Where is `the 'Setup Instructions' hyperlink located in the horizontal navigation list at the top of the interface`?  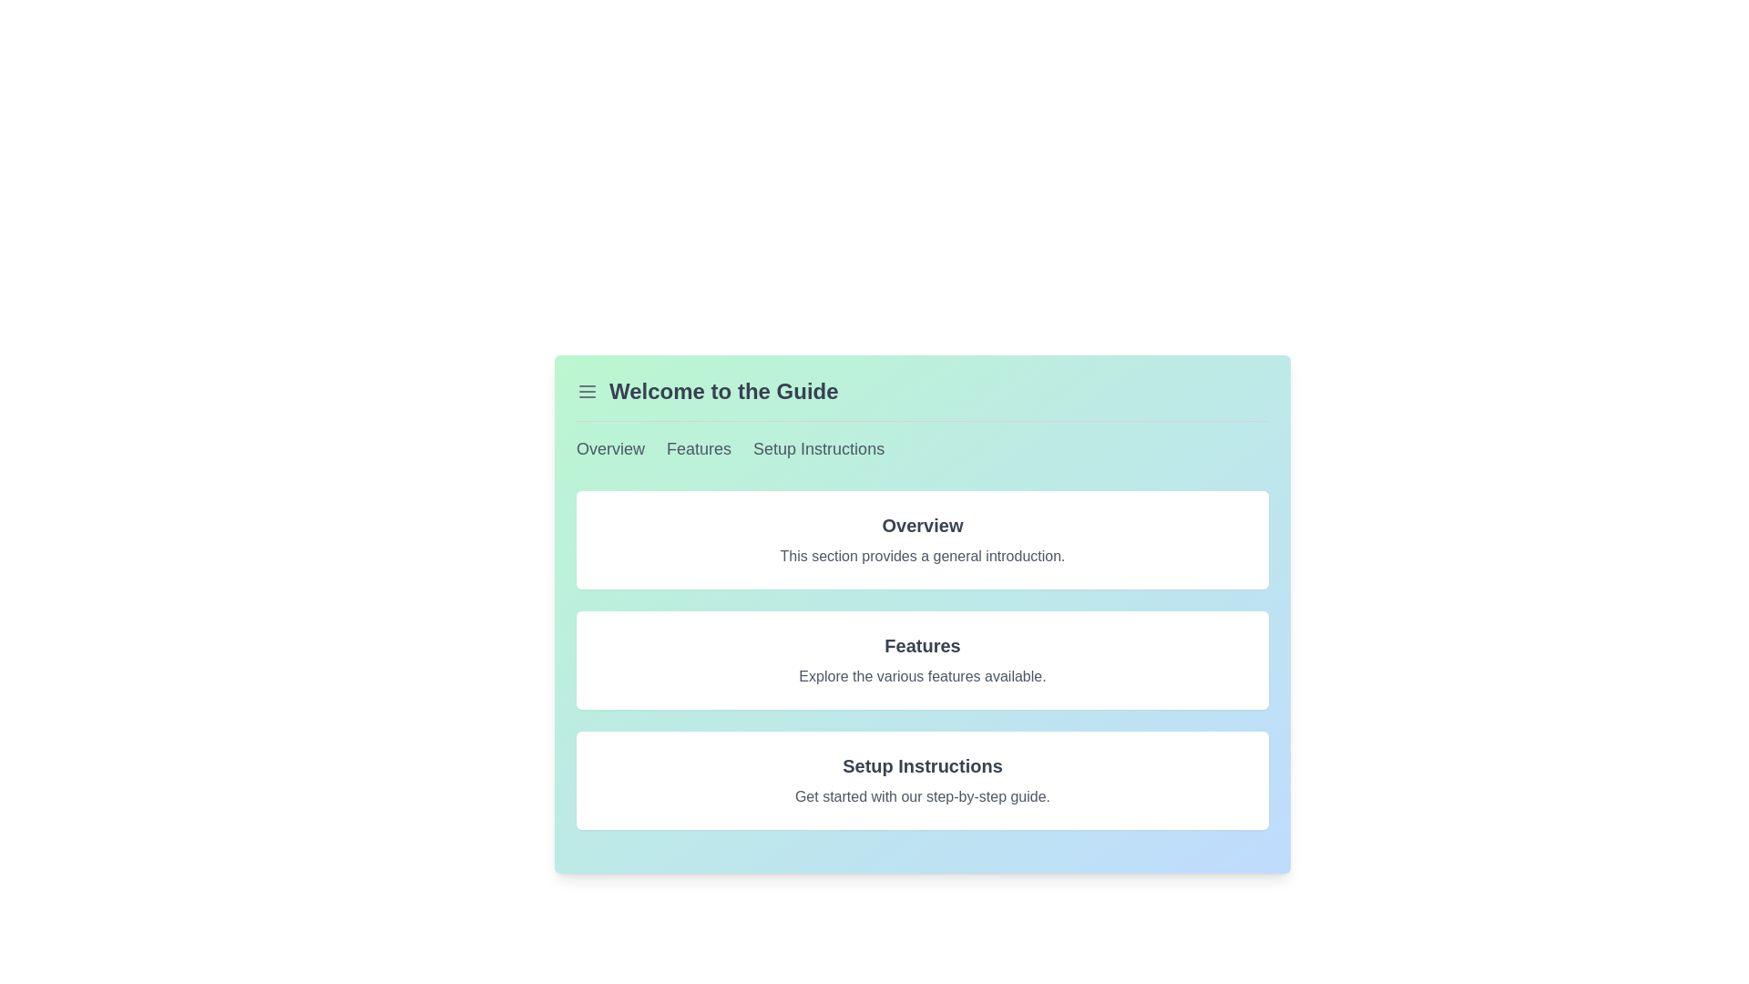
the 'Setup Instructions' hyperlink located in the horizontal navigation list at the top of the interface is located at coordinates (818, 449).